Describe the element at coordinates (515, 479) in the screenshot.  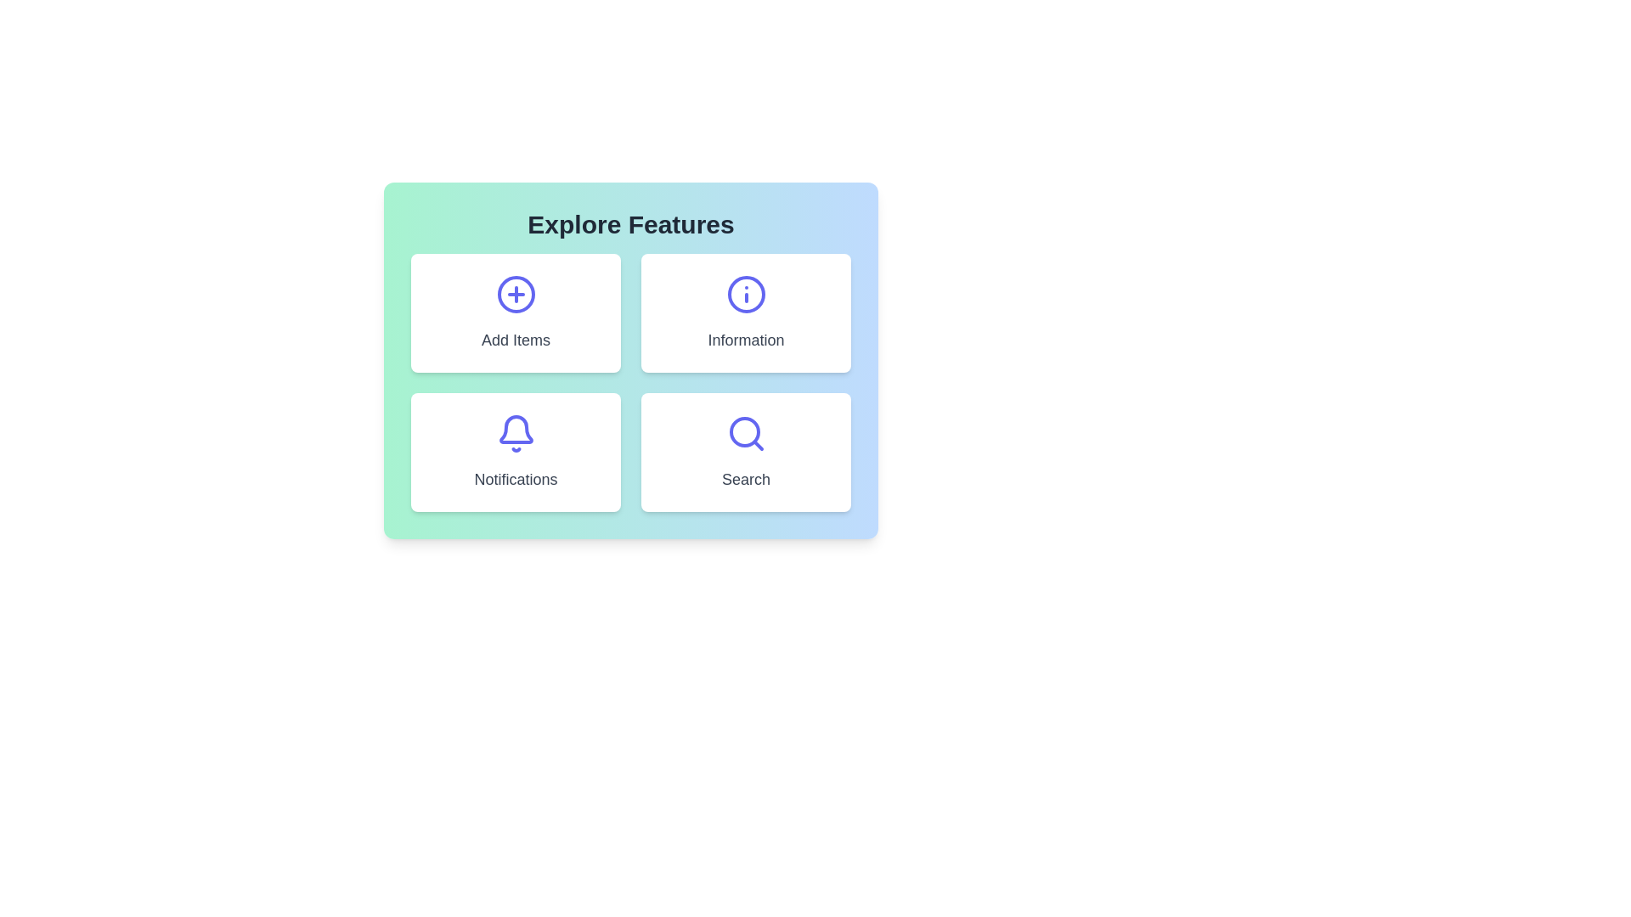
I see `the Text Label that describes the 'Notifications' feature card, located below the icon within the card in the bottom-left quadrant of a 2x2 grid of feature cards` at that location.